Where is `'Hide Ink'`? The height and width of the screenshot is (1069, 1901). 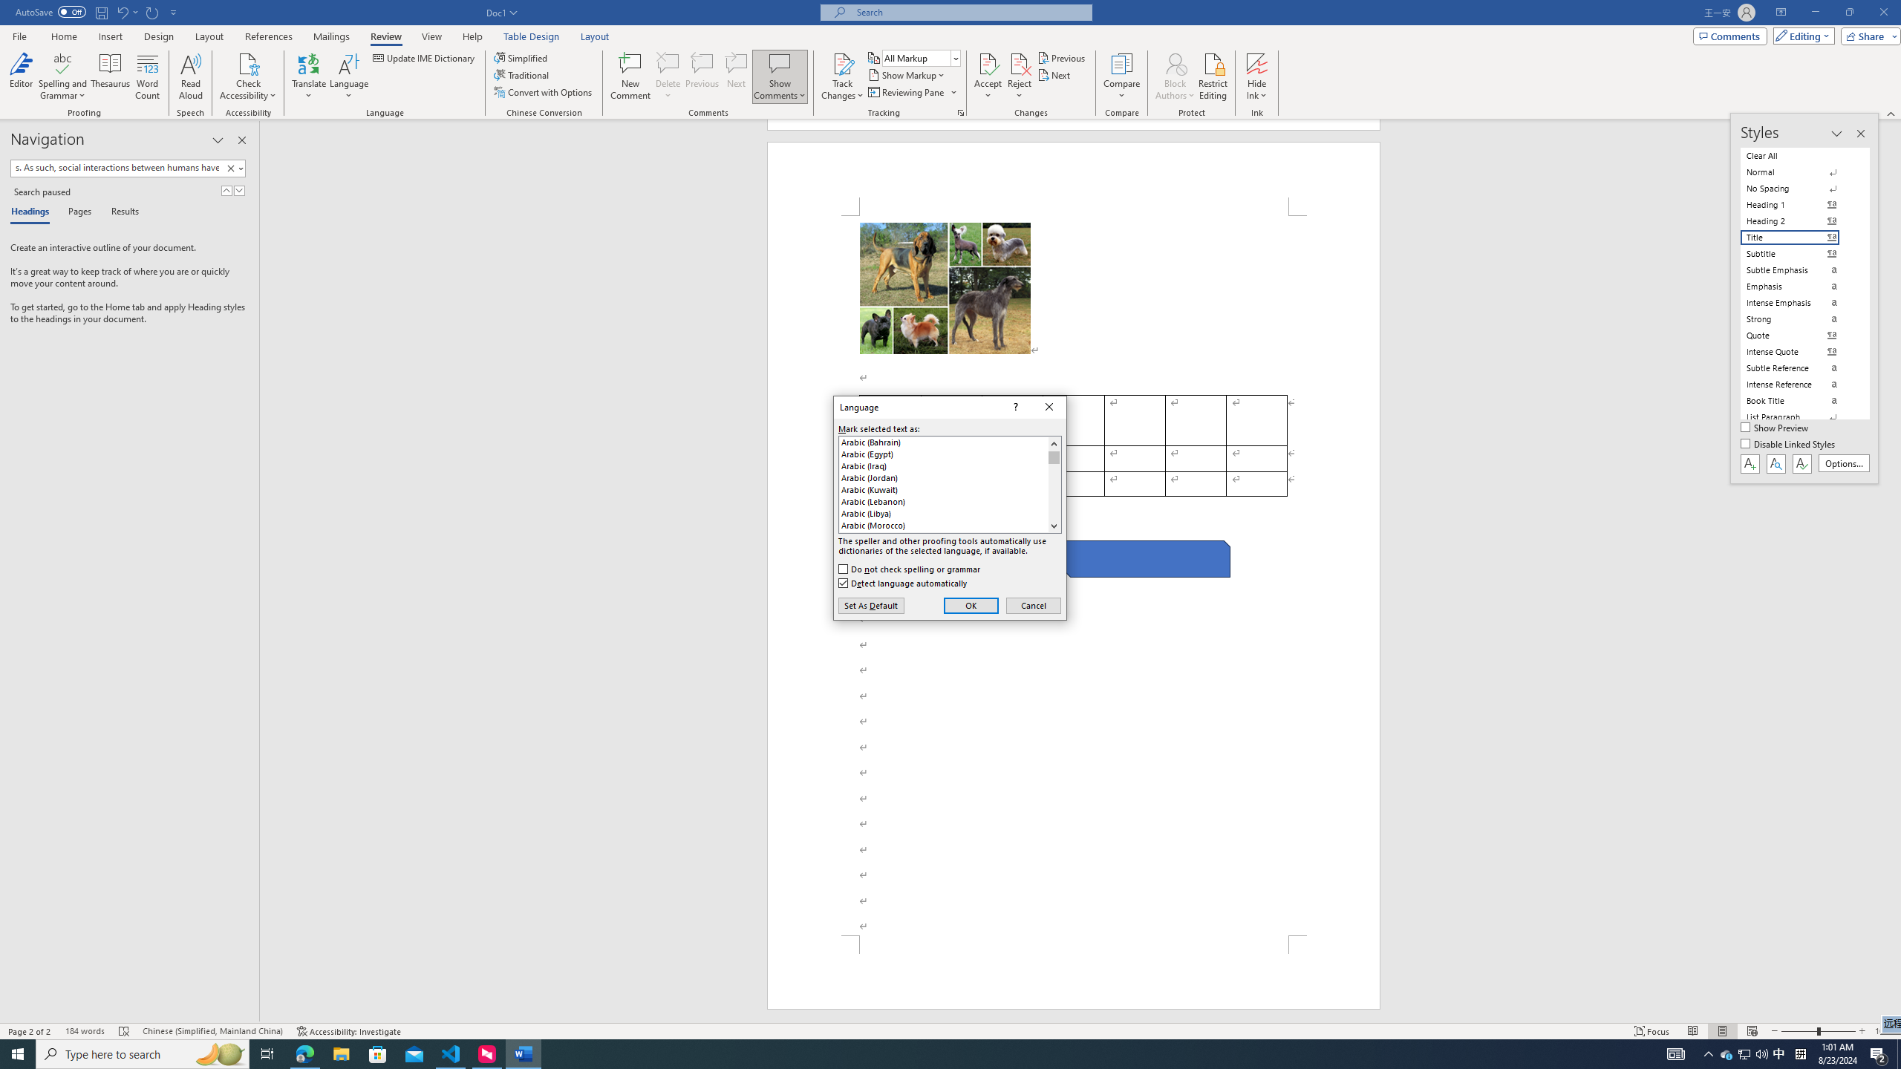
'Hide Ink' is located at coordinates (1256, 76).